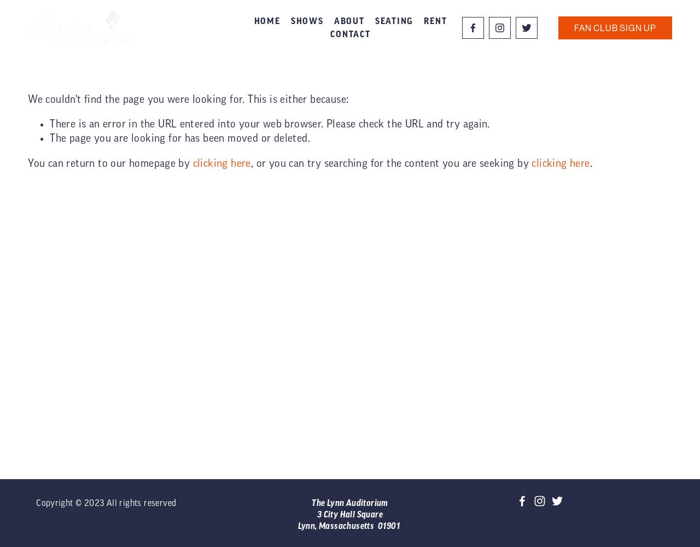  What do you see at coordinates (349, 514) in the screenshot?
I see `'3 City Hall Square'` at bounding box center [349, 514].